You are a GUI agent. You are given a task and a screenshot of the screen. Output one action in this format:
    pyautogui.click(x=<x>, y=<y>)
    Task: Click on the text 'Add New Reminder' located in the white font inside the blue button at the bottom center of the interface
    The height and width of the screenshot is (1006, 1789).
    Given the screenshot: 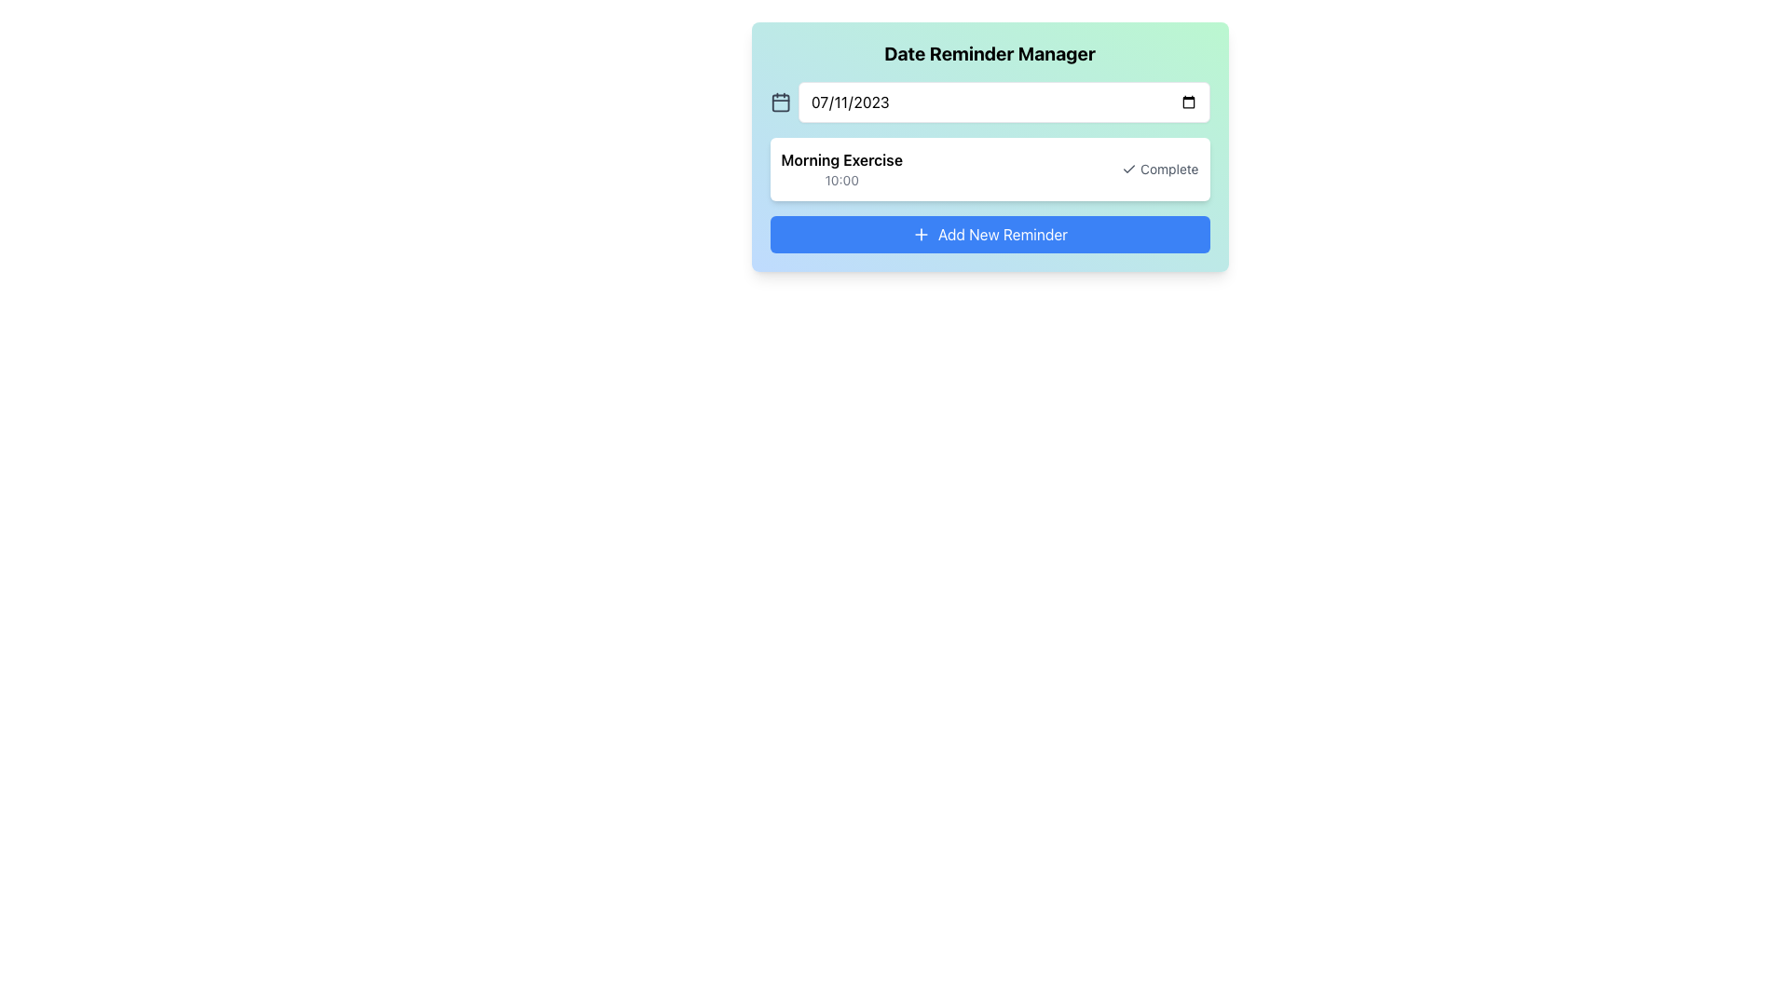 What is the action you would take?
    pyautogui.click(x=1002, y=233)
    